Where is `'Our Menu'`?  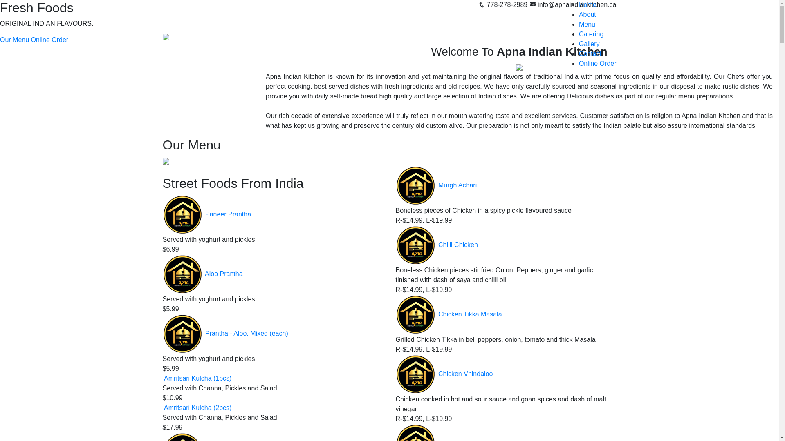 'Our Menu' is located at coordinates (14, 40).